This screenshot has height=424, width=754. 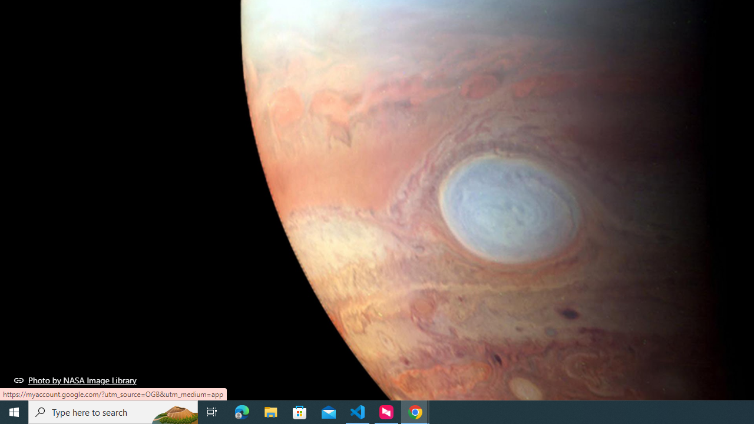 I want to click on 'Photo by NASA Image Library', so click(x=75, y=380).